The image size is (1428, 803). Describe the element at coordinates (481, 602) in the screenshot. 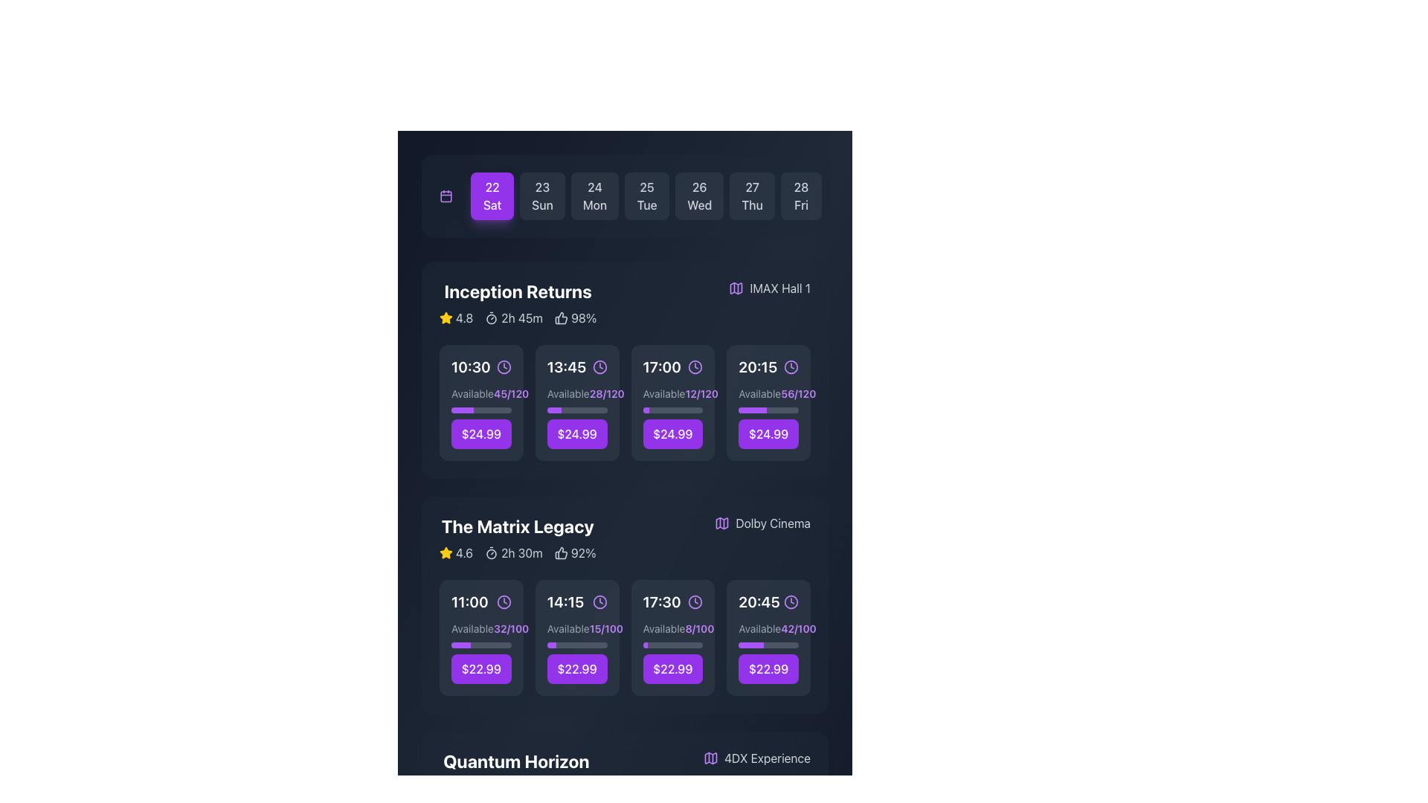

I see `time displayed on the text label '11:00' which is styled in bold white font on a dark background, located in the first block under 'The Matrix Legacy' section` at that location.